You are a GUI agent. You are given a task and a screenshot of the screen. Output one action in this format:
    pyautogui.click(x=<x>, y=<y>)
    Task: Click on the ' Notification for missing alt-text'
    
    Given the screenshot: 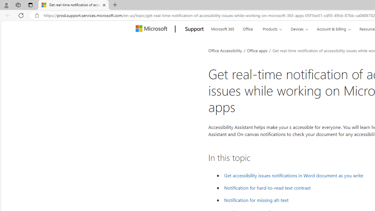 What is the action you would take?
    pyautogui.click(x=256, y=200)
    